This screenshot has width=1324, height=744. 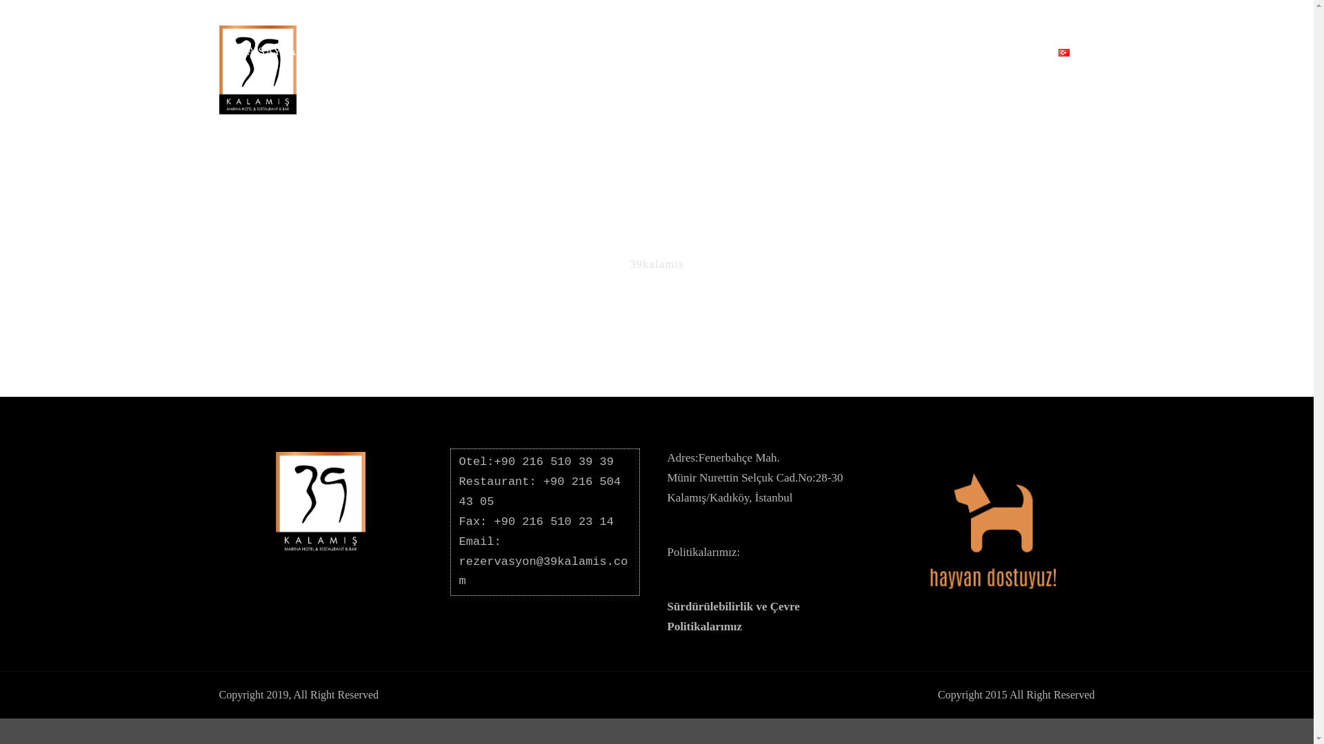 What do you see at coordinates (463, 59) in the screenshot?
I see `'RESTAURANT & BAR'` at bounding box center [463, 59].